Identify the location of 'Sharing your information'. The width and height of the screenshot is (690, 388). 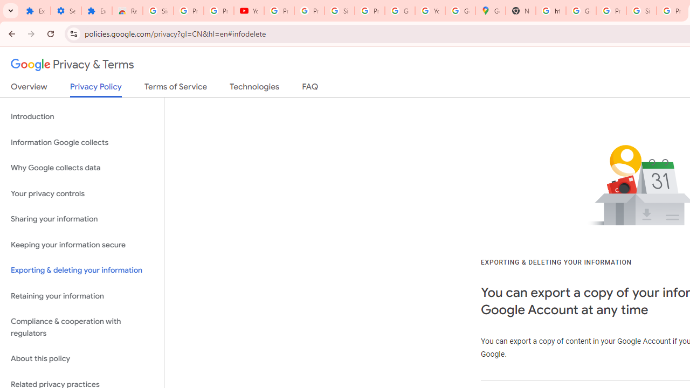
(81, 219).